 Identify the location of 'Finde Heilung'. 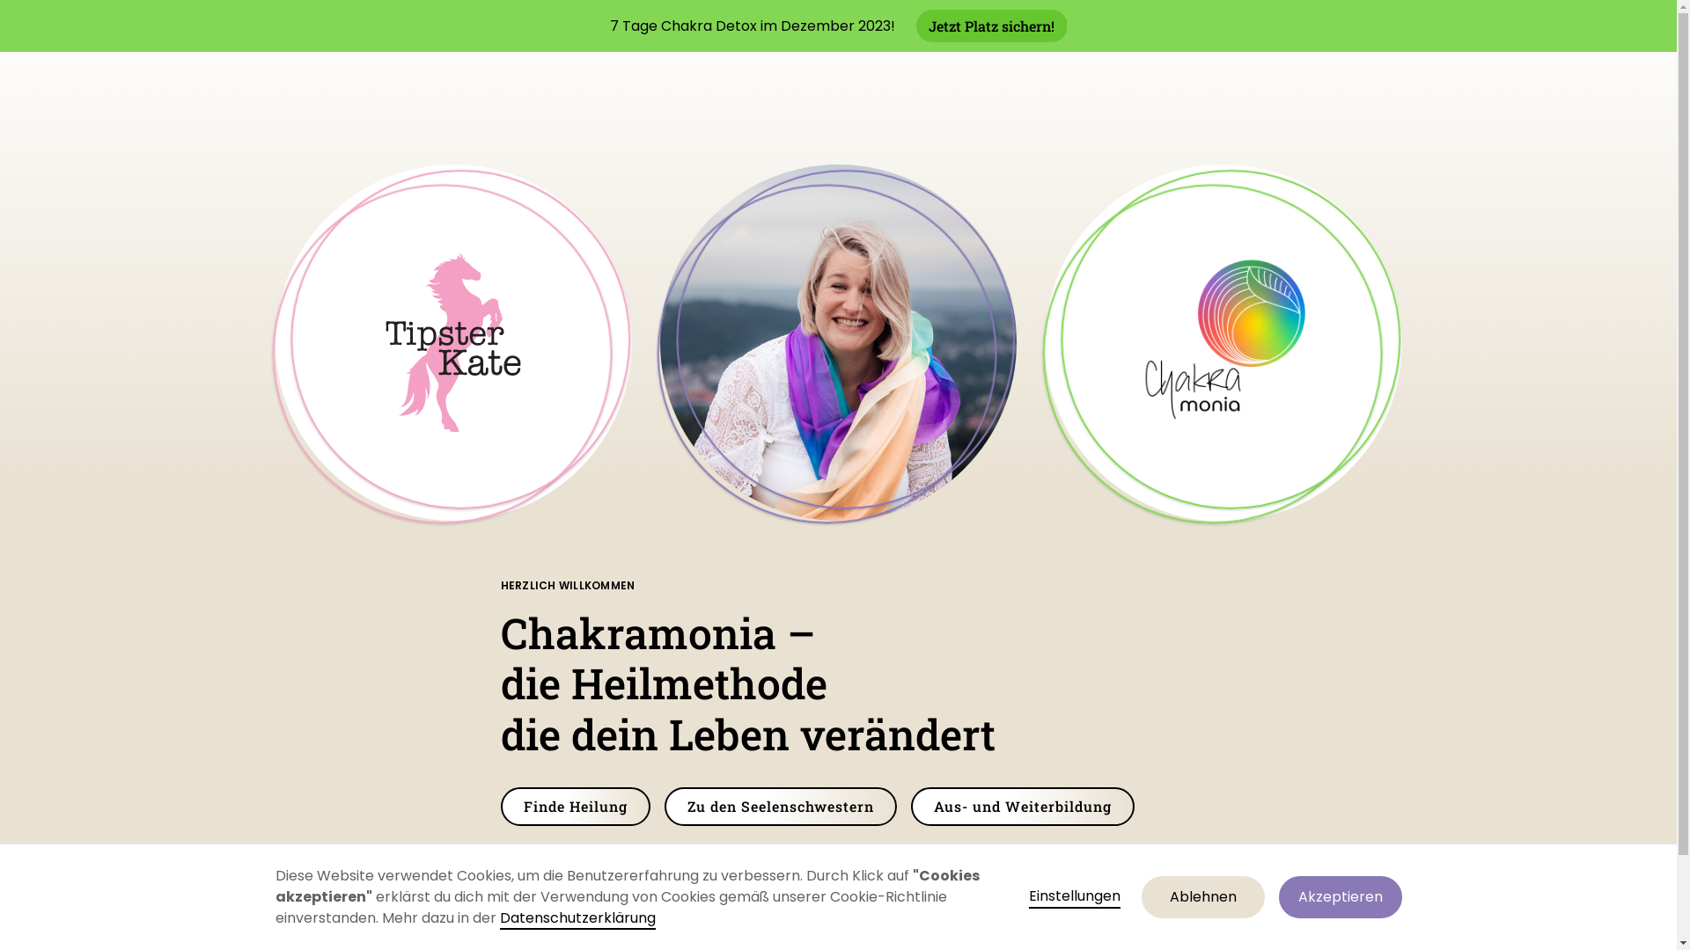
(574, 807).